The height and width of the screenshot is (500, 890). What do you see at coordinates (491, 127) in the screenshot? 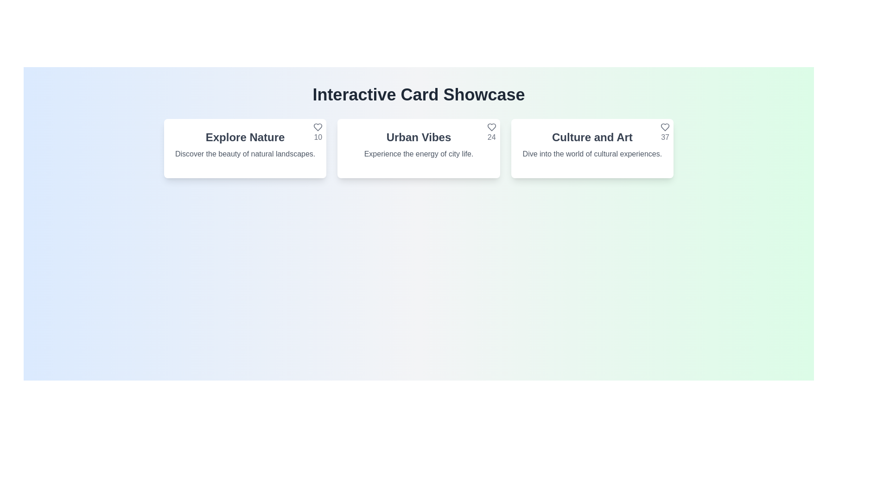
I see `the heart-like icon located in the top-right corner of the 'Urban Vibes' card, which represents a favoriting or liking action` at bounding box center [491, 127].